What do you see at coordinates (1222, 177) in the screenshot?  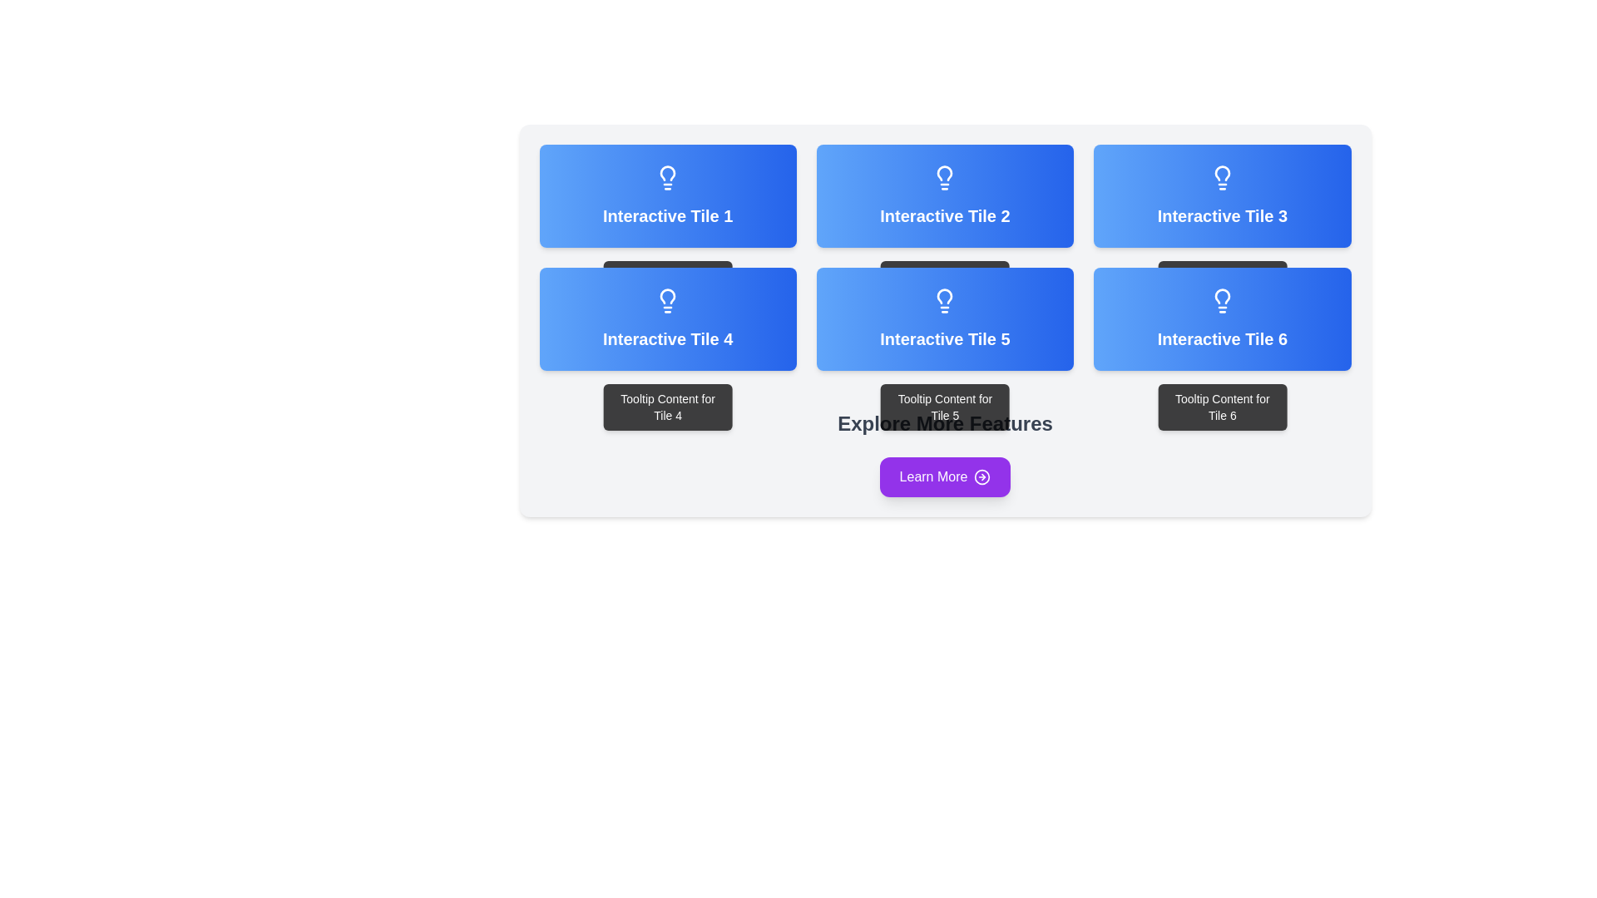 I see `the lightbulb icon` at bounding box center [1222, 177].